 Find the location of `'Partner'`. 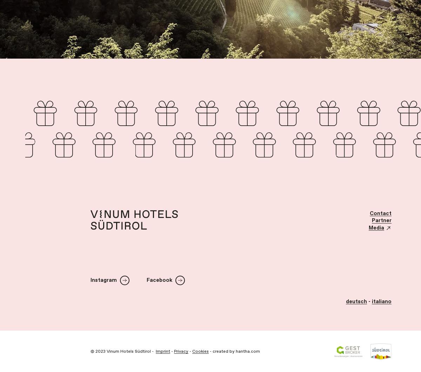

'Partner' is located at coordinates (381, 221).